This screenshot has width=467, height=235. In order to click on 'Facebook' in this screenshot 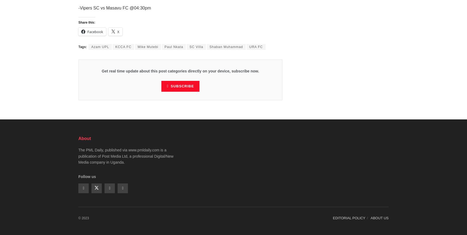, I will do `click(95, 31)`.